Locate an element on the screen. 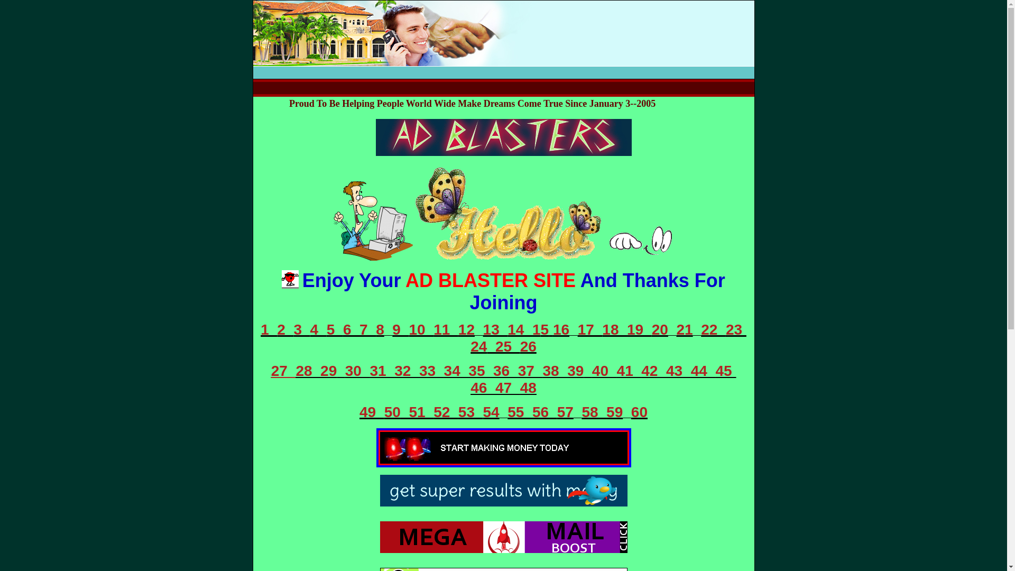  '  51 ' is located at coordinates (400, 411).